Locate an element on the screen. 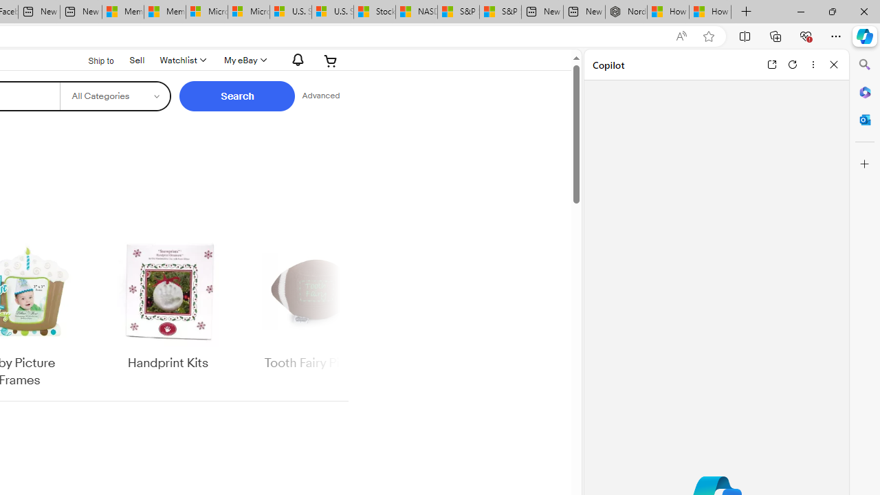 This screenshot has width=880, height=495. 'Ship to' is located at coordinates (91, 59).